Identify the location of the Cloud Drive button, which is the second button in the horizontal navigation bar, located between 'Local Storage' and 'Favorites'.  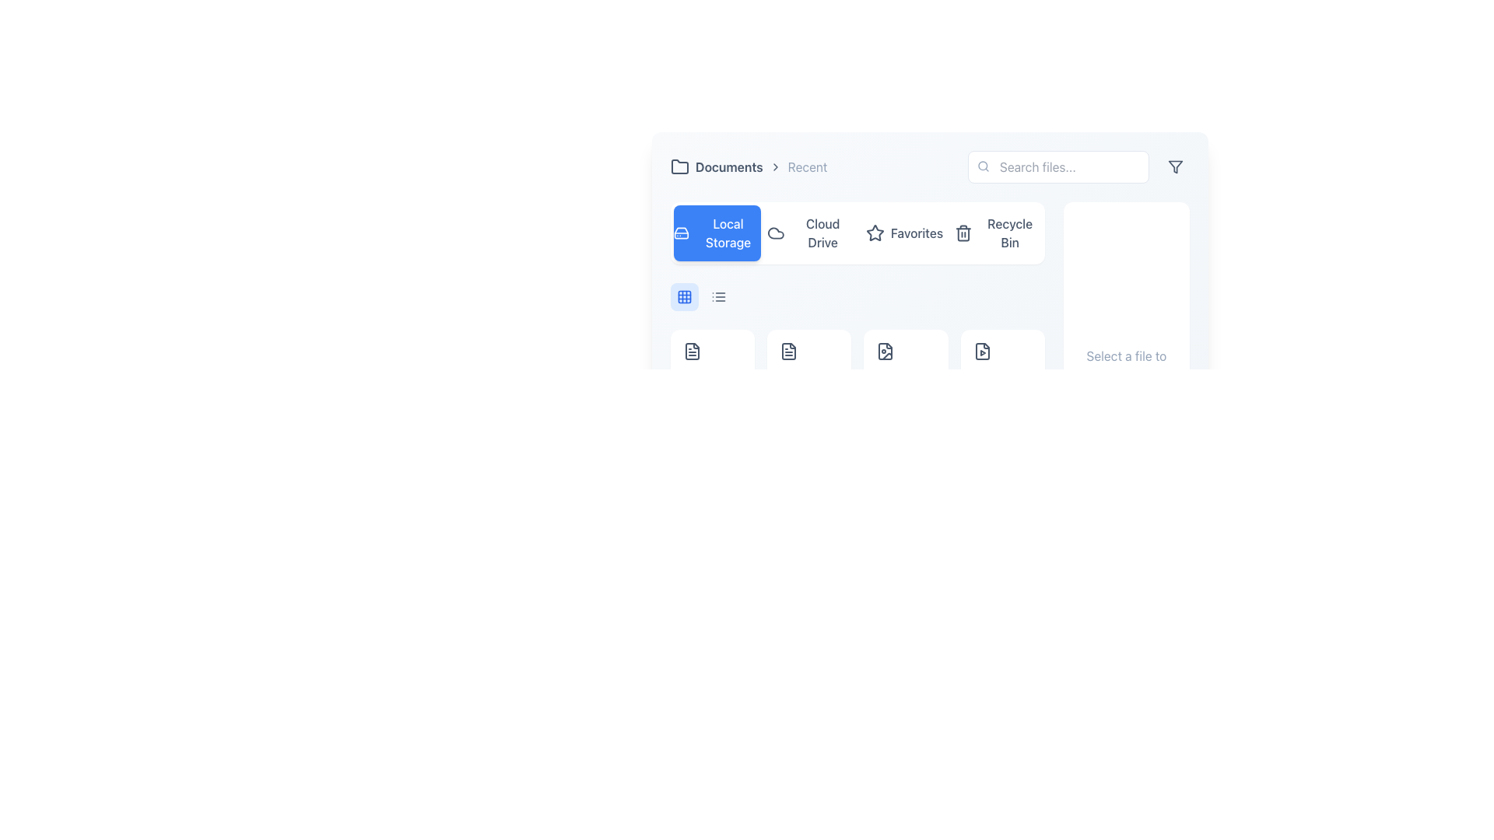
(810, 233).